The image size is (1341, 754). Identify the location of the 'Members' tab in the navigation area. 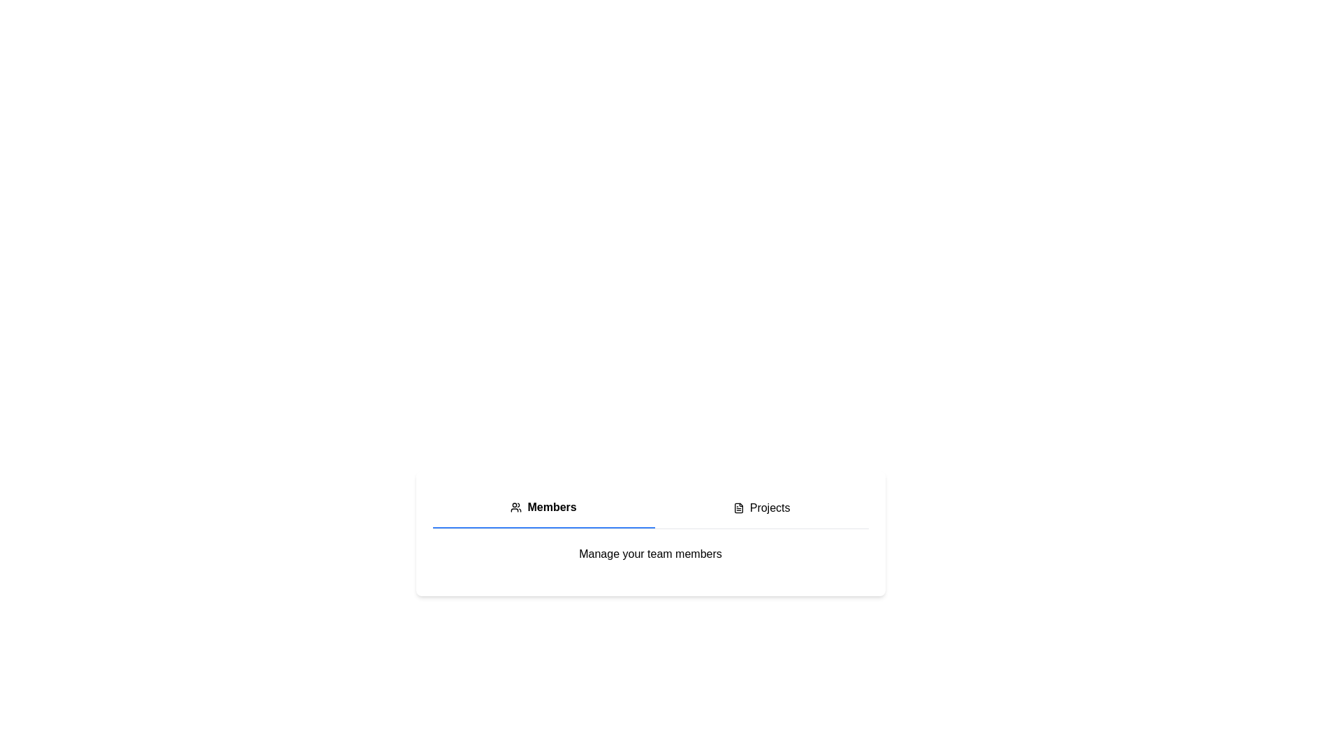
(650, 508).